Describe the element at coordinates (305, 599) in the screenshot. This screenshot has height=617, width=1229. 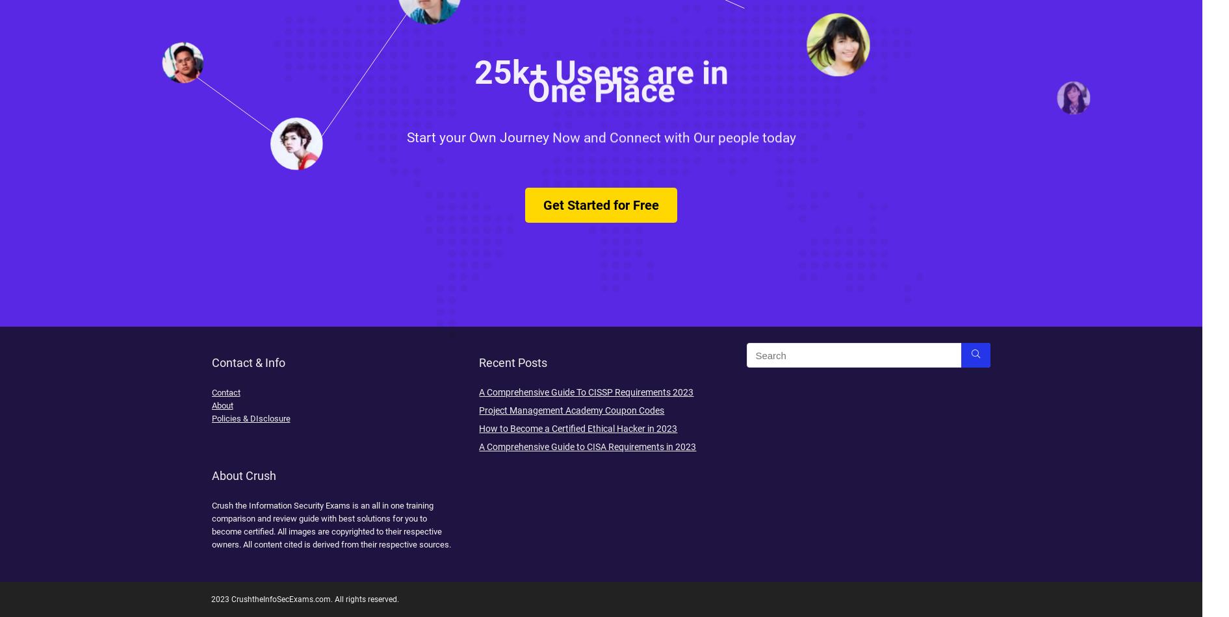
I see `'2023 CrushtheInfoSecExams.com. All rights reserved.'` at that location.